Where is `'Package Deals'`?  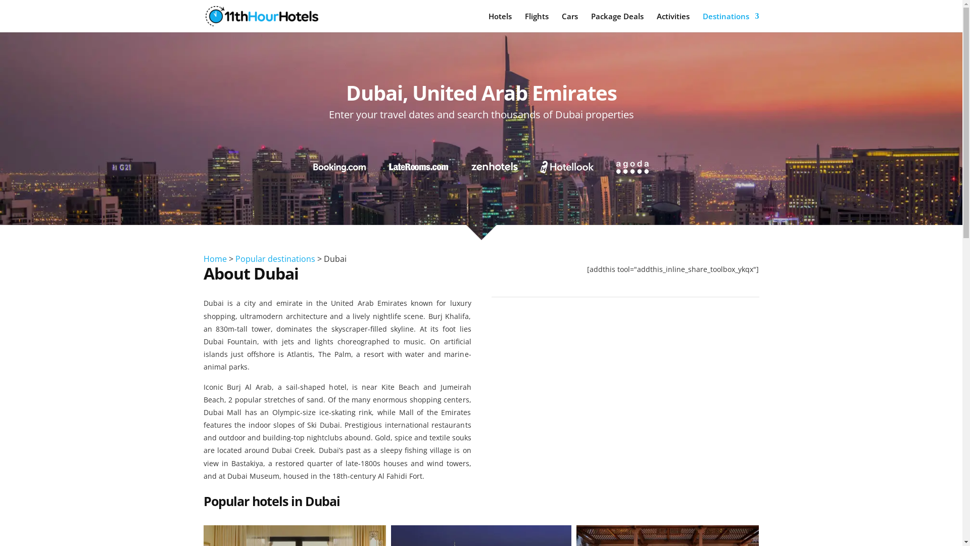 'Package Deals' is located at coordinates (617, 22).